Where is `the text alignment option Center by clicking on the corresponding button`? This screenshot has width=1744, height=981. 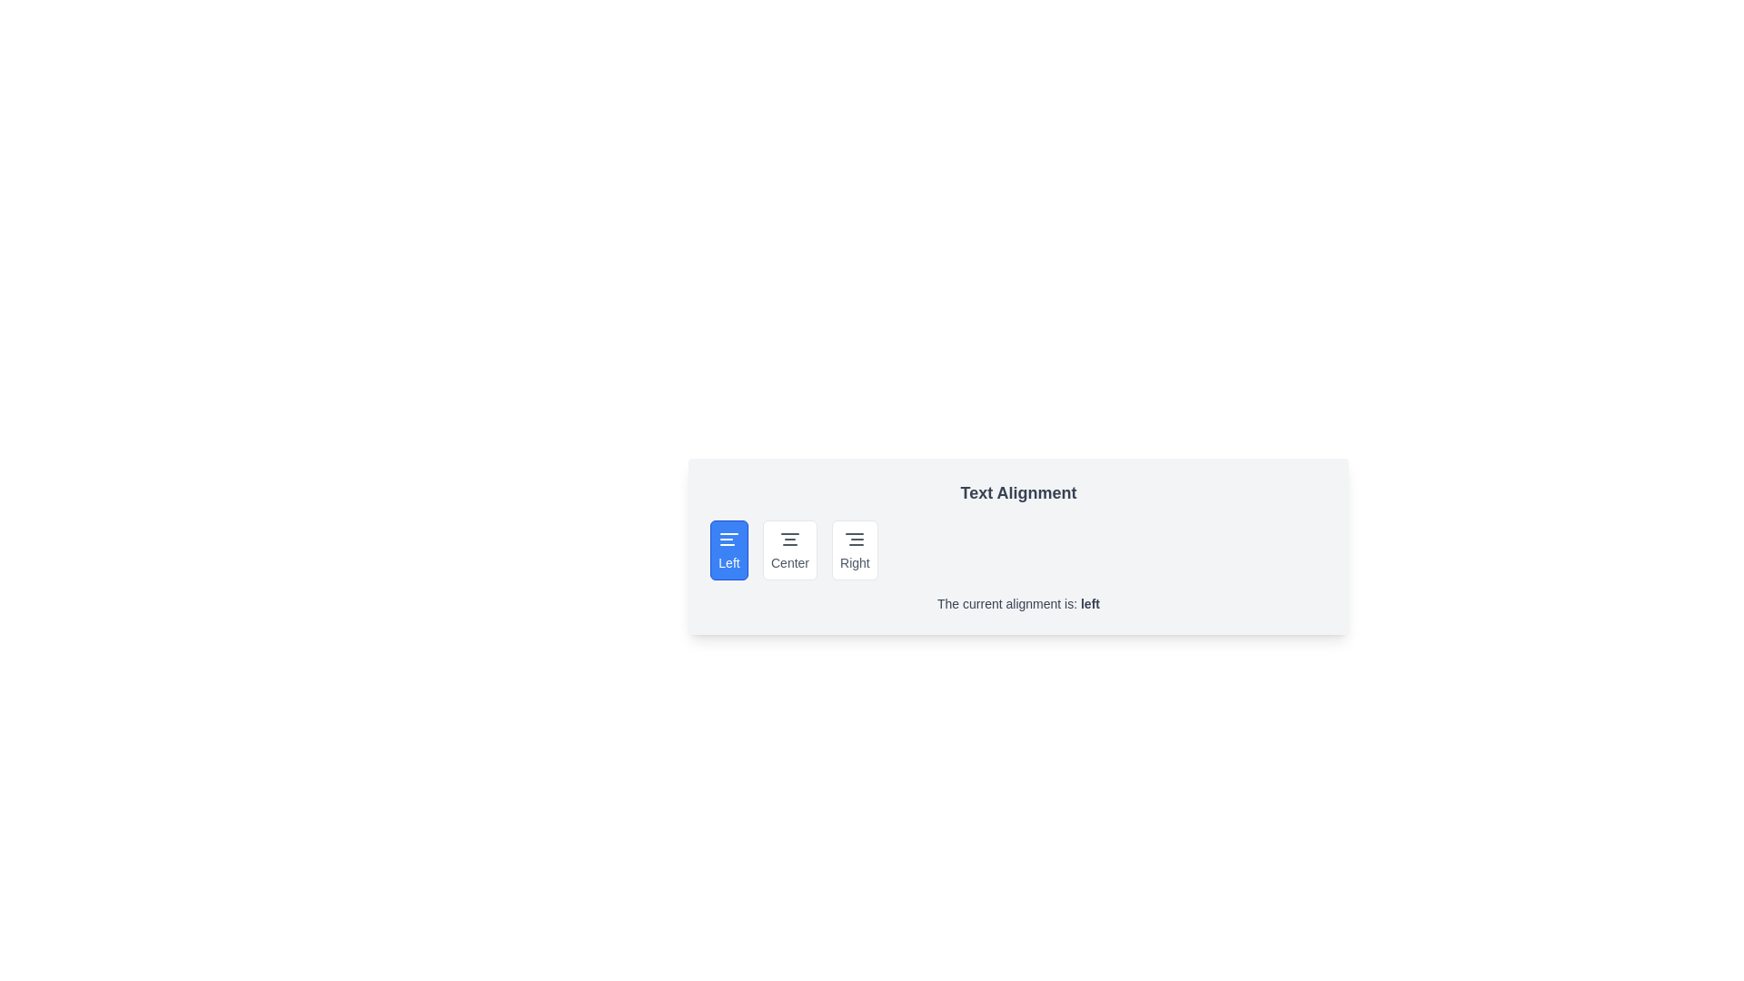 the text alignment option Center by clicking on the corresponding button is located at coordinates (789, 549).